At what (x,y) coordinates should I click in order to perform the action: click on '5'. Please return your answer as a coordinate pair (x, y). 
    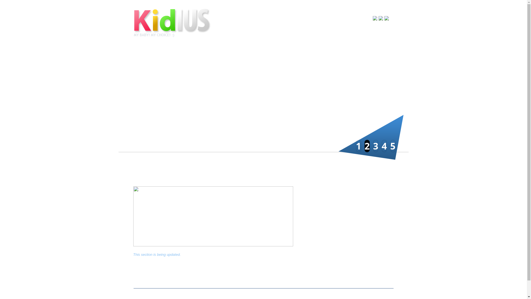
    Looking at the image, I should click on (392, 146).